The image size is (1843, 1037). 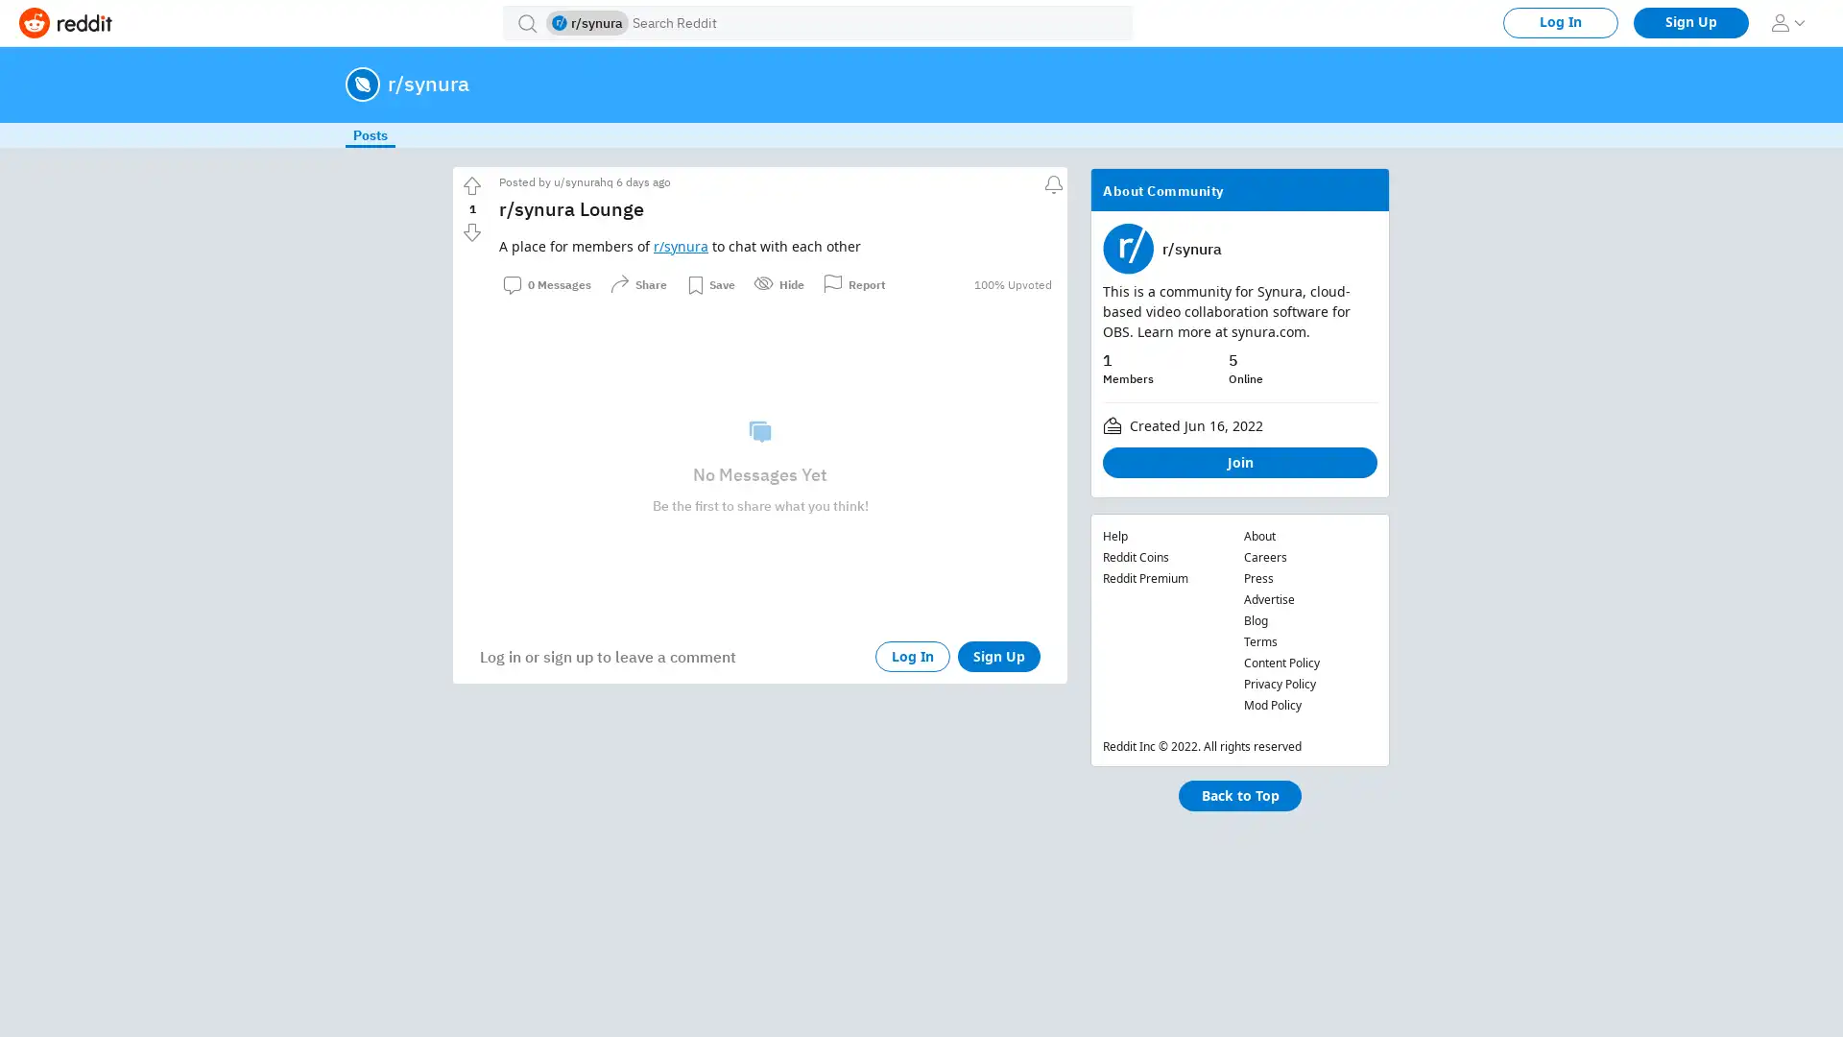 What do you see at coordinates (1050, 181) in the screenshot?
I see `Follow post to stay updated` at bounding box center [1050, 181].